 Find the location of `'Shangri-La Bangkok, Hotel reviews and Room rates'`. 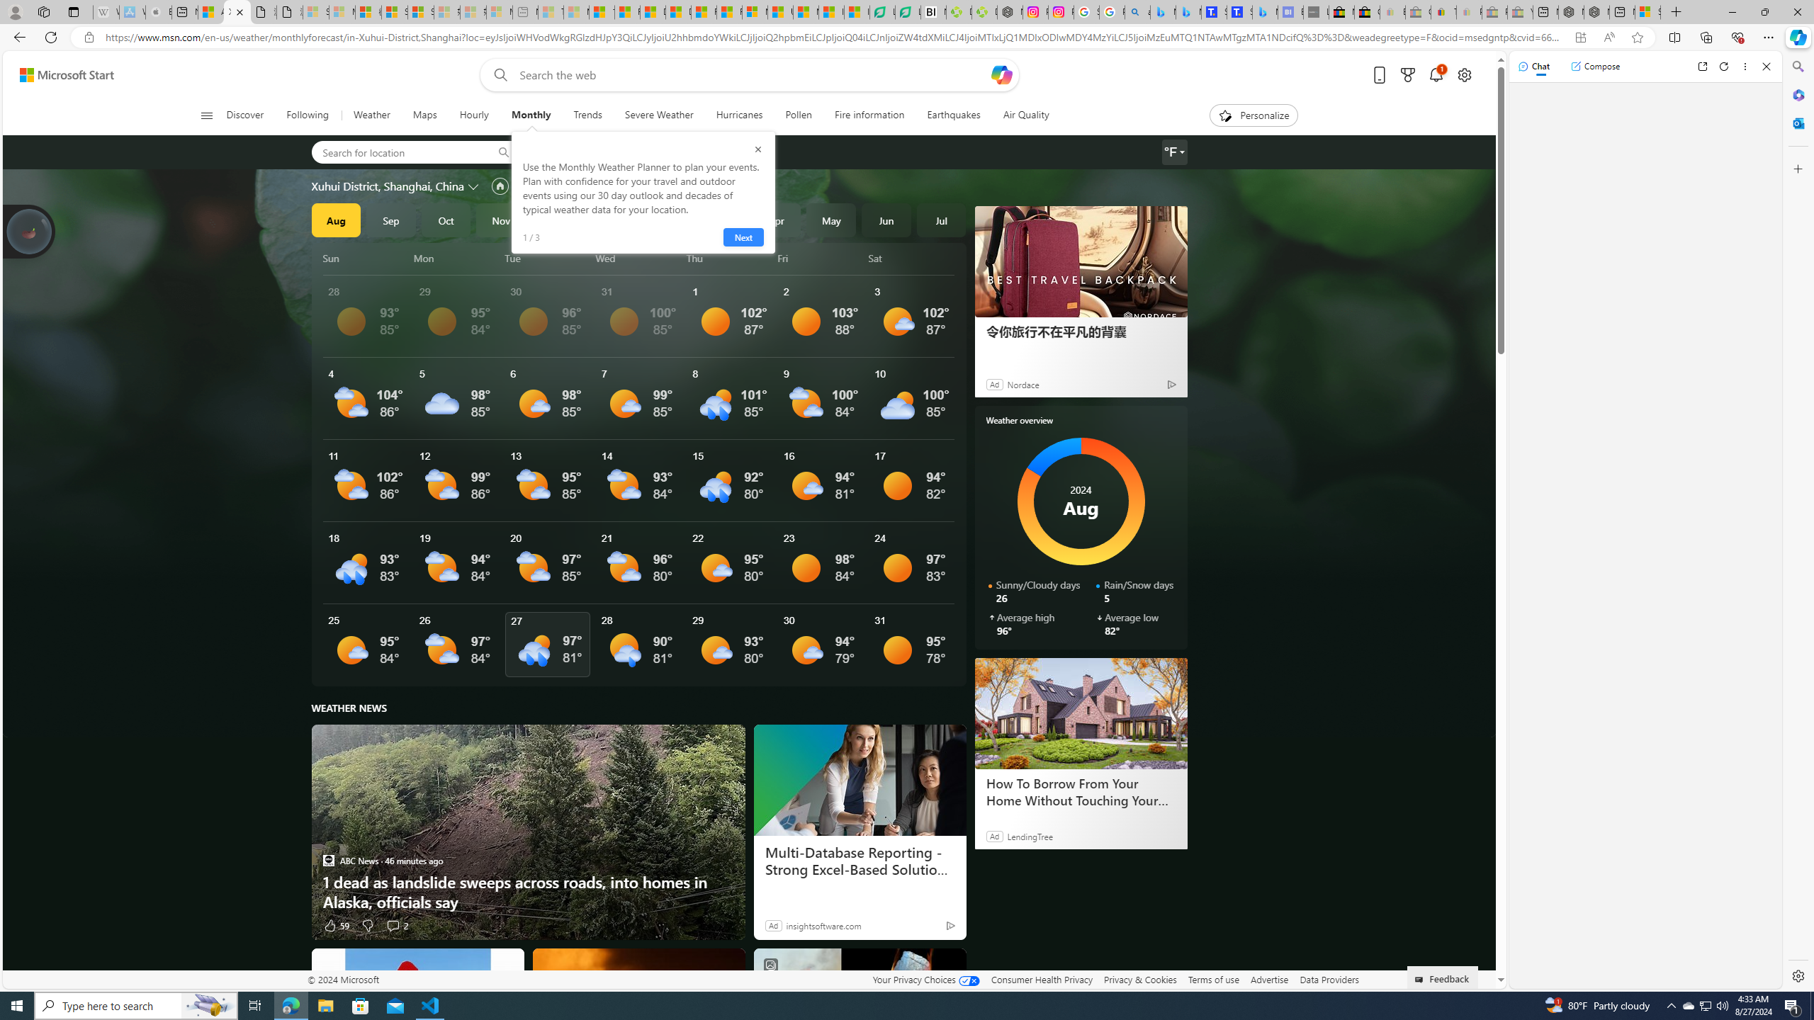

'Shangri-La Bangkok, Hotel reviews and Room rates' is located at coordinates (1239, 11).